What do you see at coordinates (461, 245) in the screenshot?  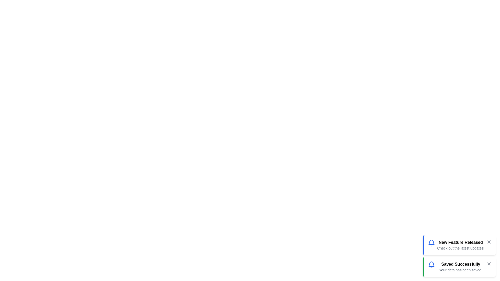 I see `the notification message Text Block that conveys the release of a new feature, located in the top half of a white notification card with a blue left border, next to a blue bell icon` at bounding box center [461, 245].